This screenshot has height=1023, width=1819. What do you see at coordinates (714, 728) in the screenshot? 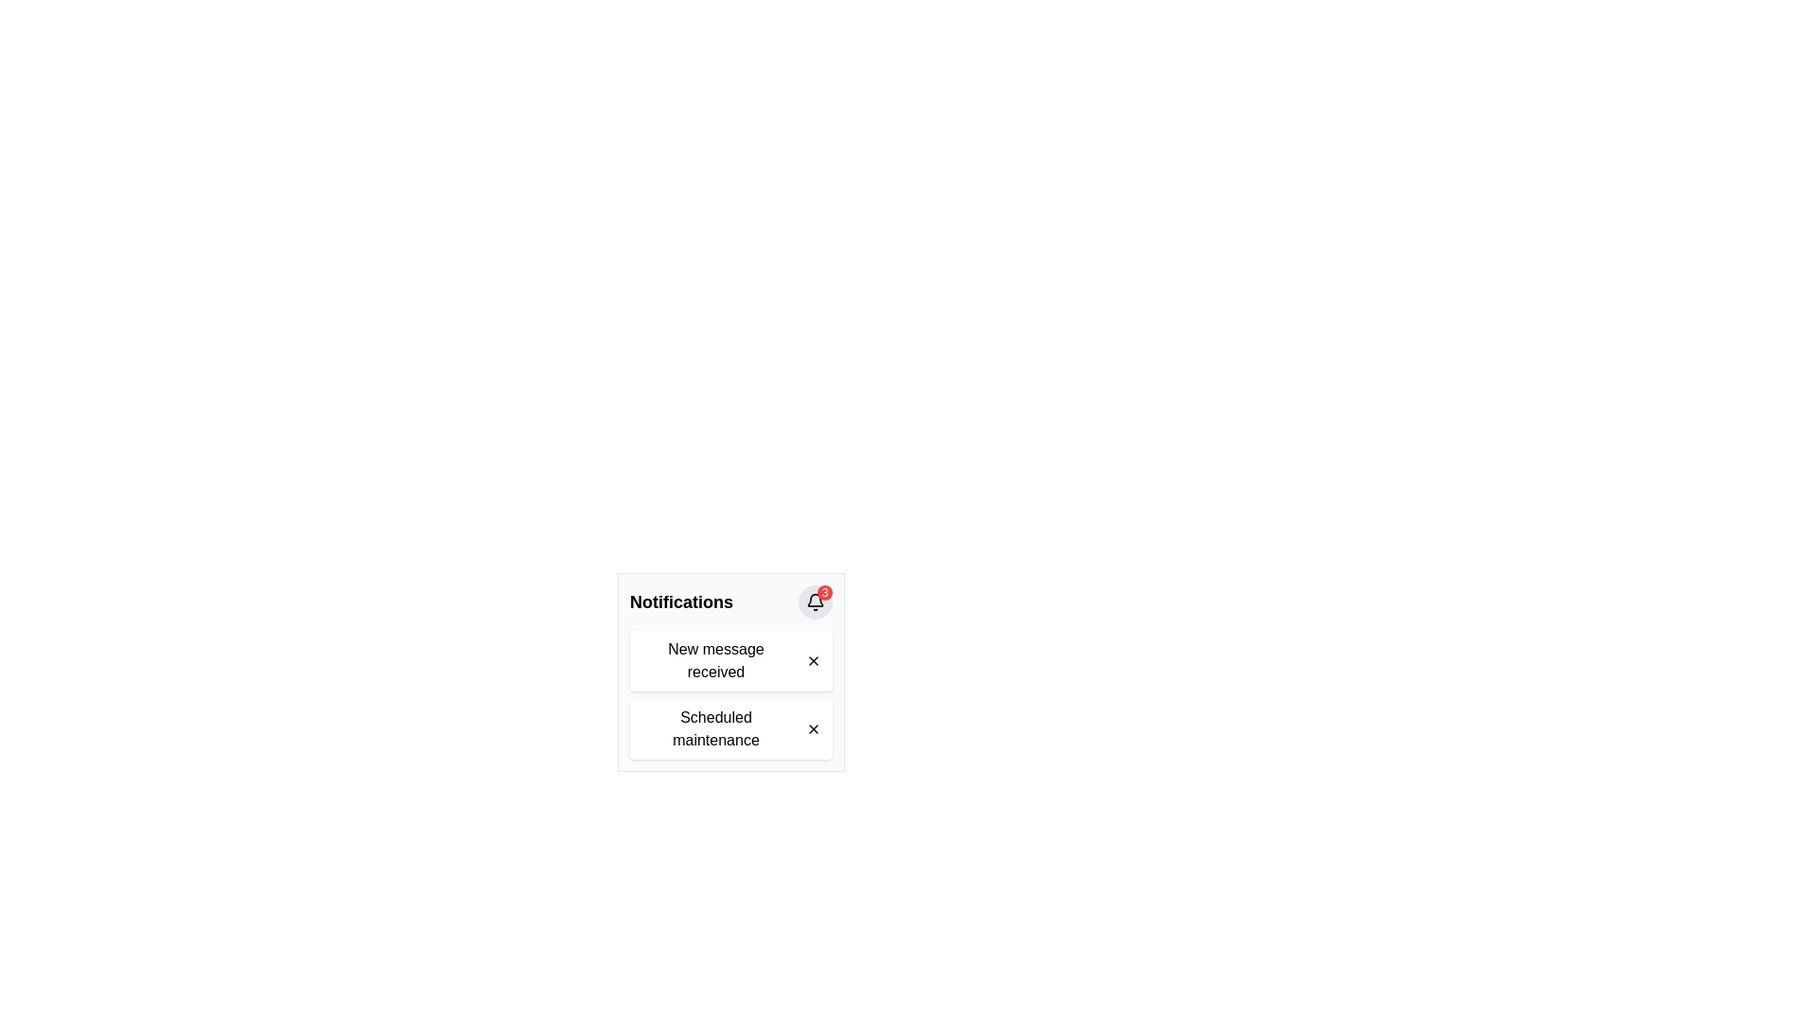
I see `the Text Label displaying 'Scheduled maintenance' within the notification item box` at bounding box center [714, 728].